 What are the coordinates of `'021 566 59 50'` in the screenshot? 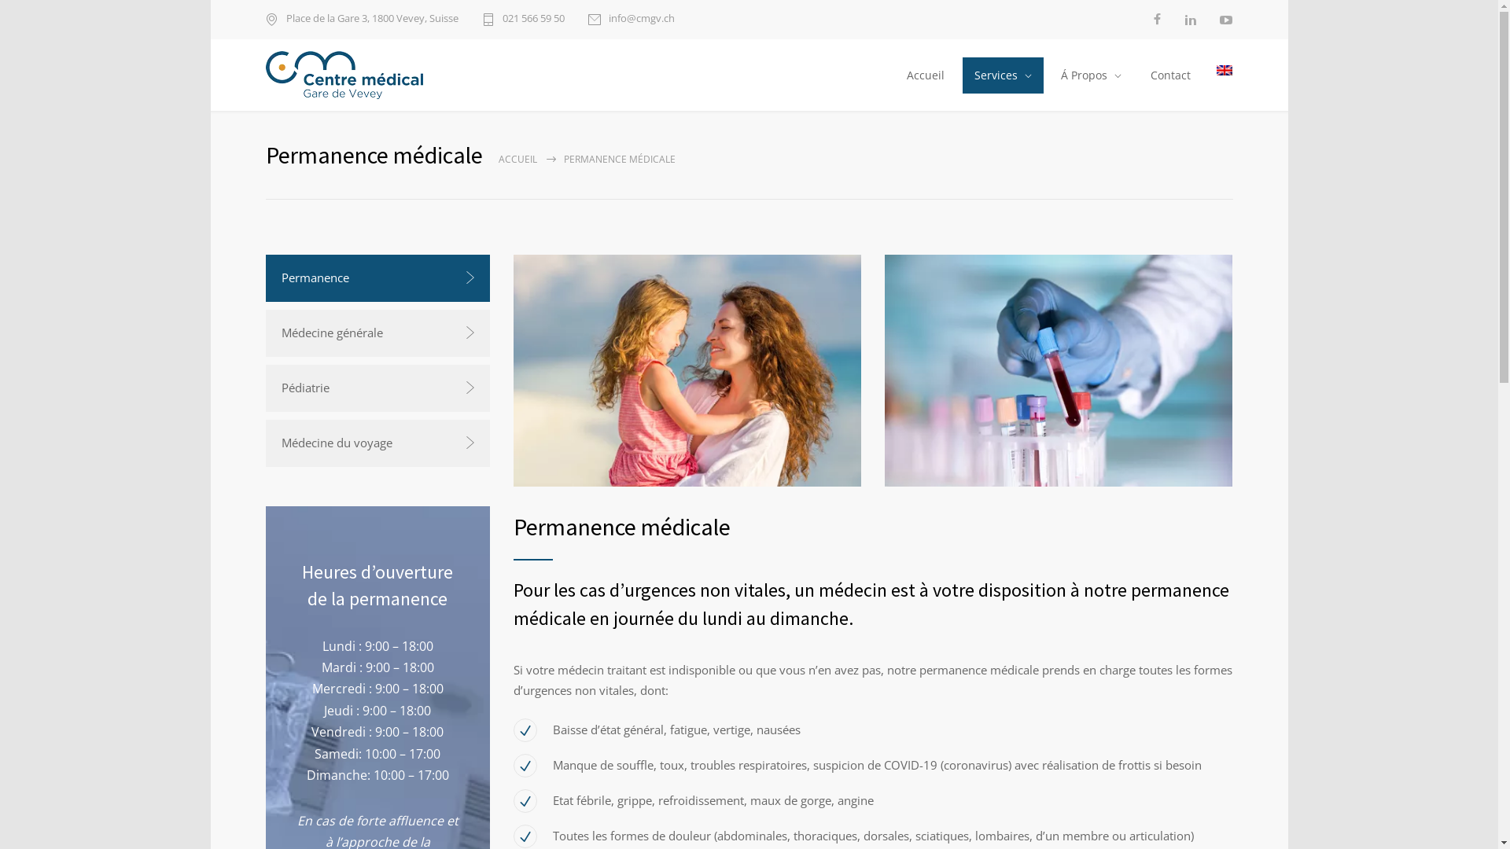 It's located at (522, 19).